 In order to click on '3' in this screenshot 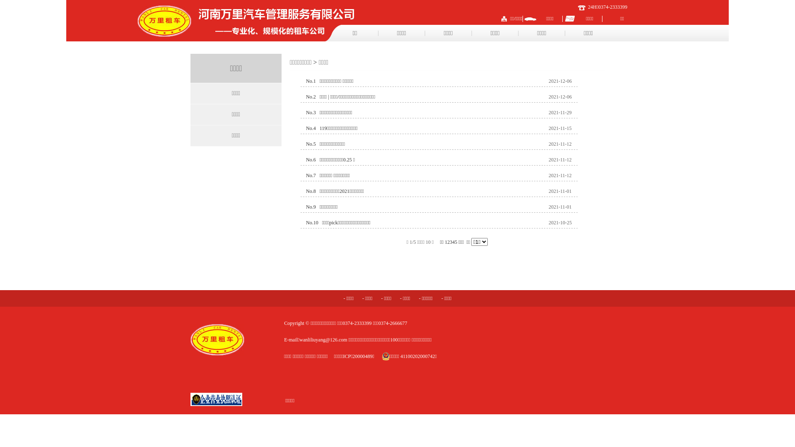, I will do `click(450, 242)`.